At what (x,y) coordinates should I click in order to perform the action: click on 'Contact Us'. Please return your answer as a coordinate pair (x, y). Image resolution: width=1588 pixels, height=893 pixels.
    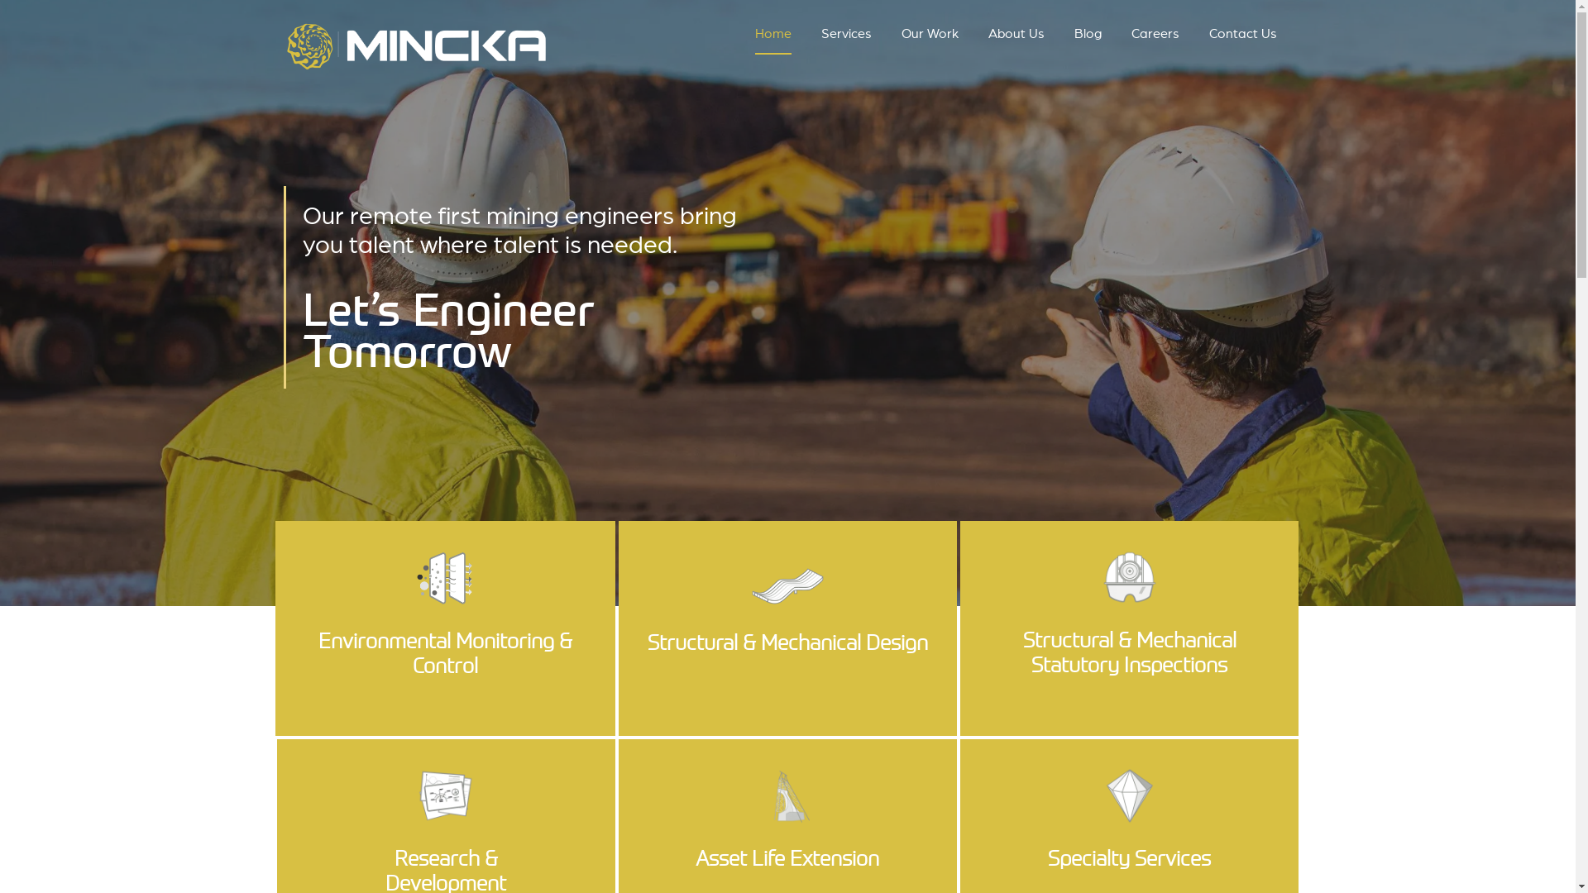
    Looking at the image, I should click on (1209, 37).